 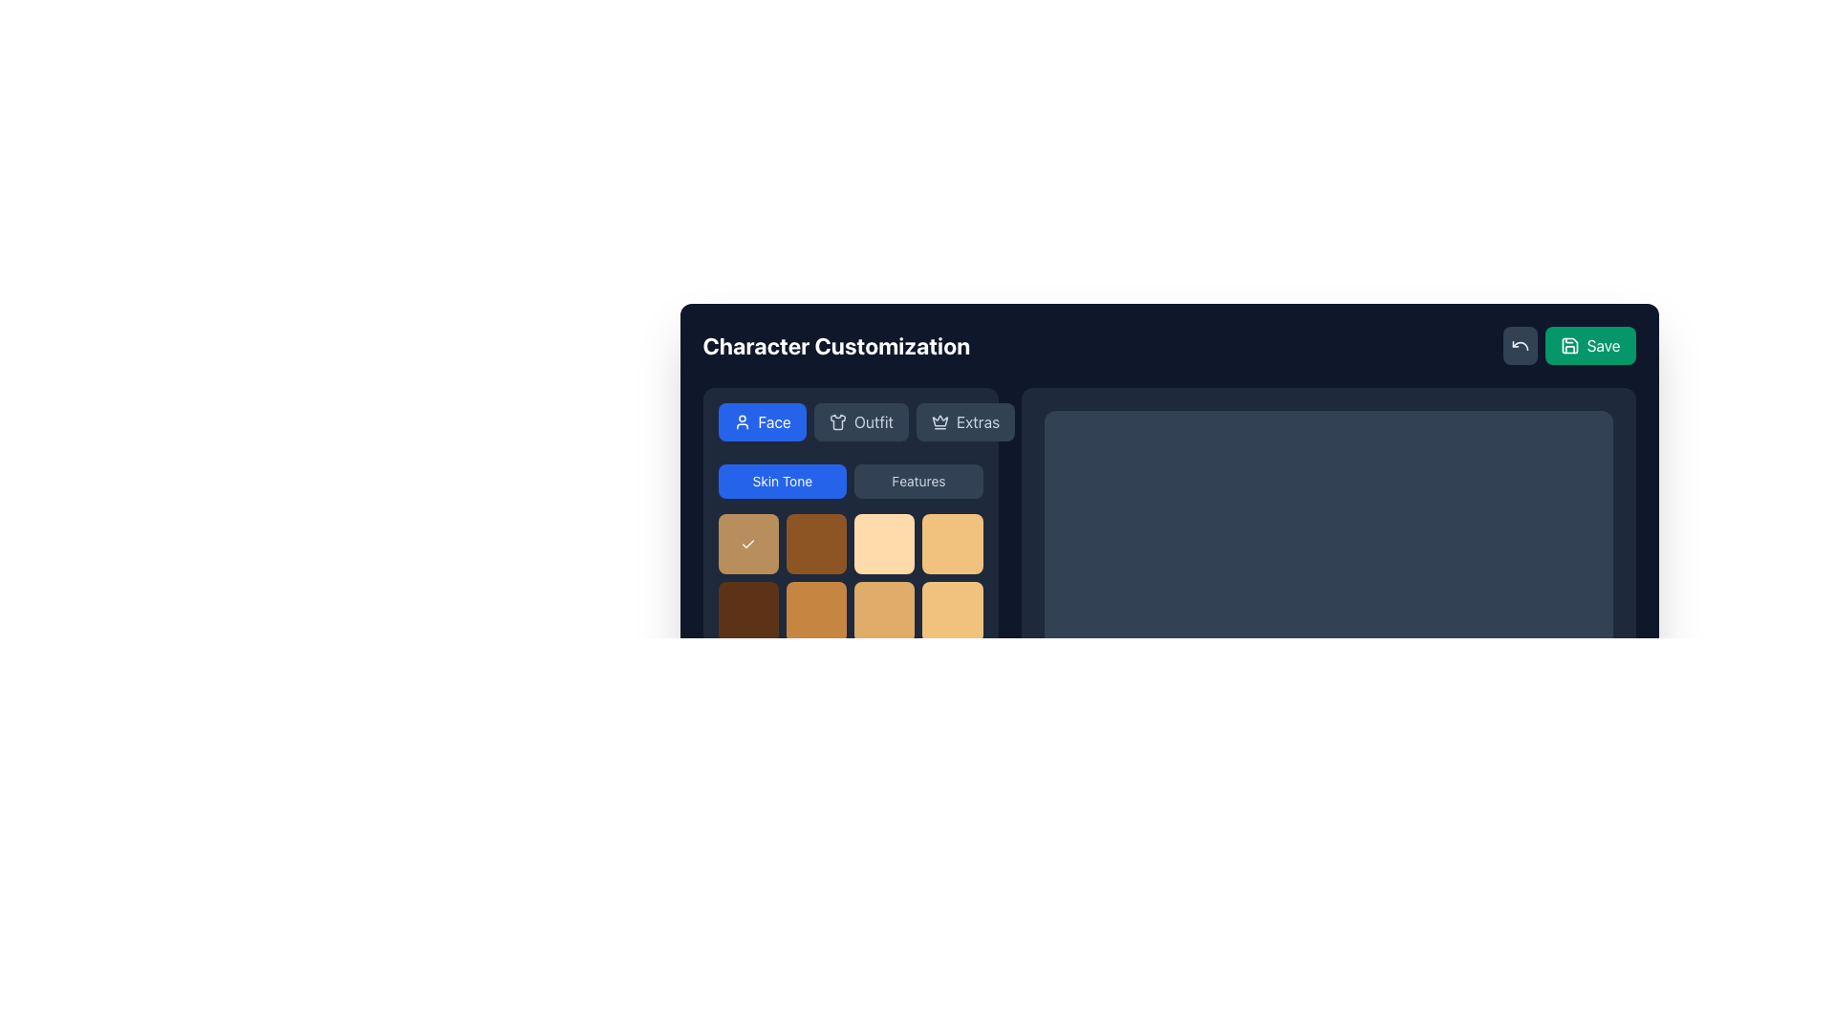 I want to click on the 'Extras' button icon, which visually represents additional customization options related to the crown theme, located to the right of the 'Outfit' button in the top horizontal menu bar, so click(x=939, y=421).